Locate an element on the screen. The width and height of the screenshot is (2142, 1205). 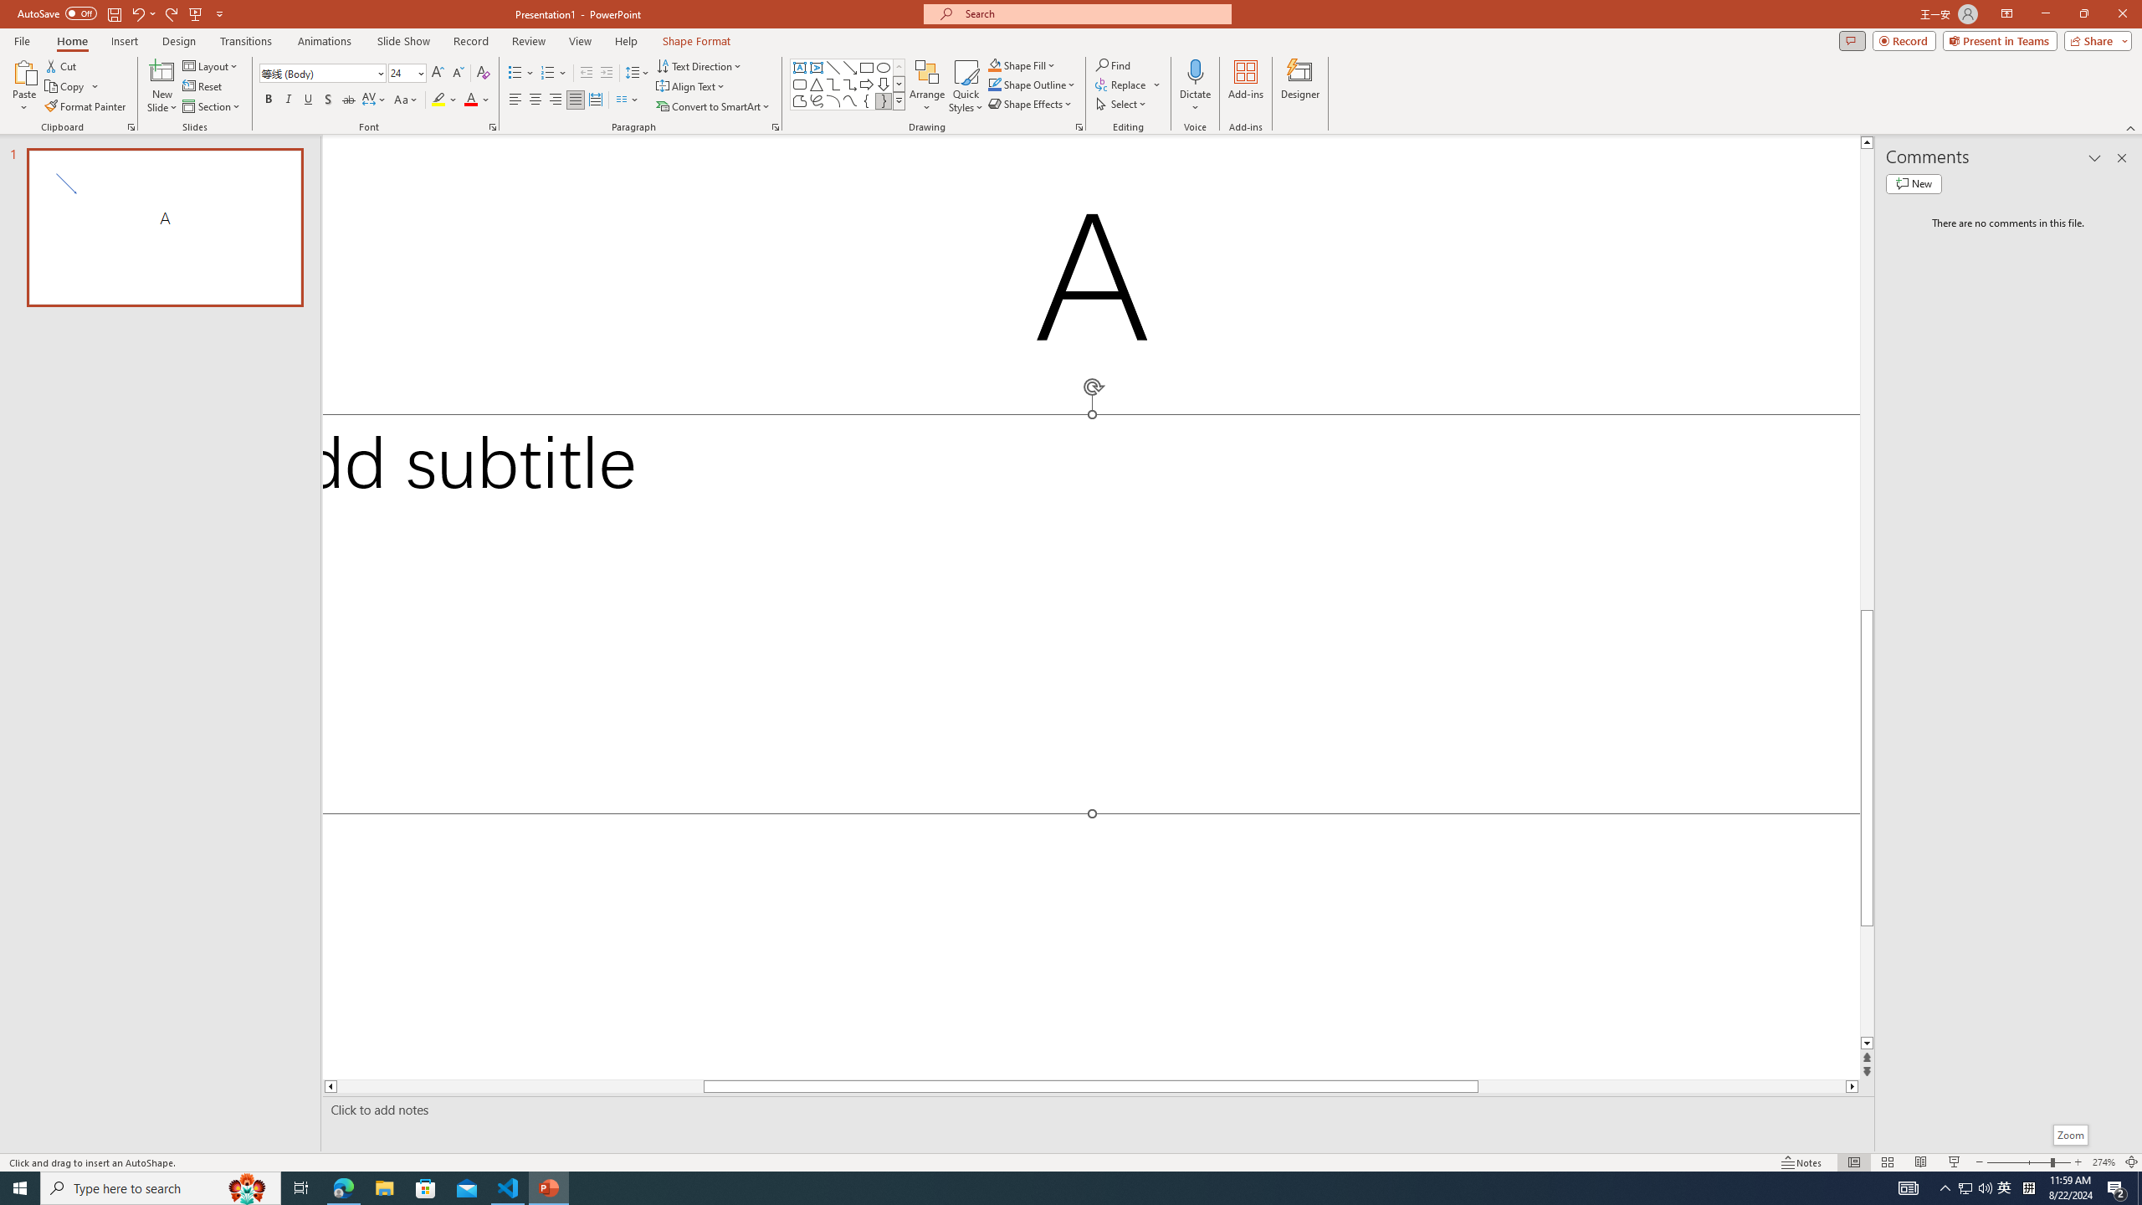
'Zoom 274%' is located at coordinates (2104, 1162).